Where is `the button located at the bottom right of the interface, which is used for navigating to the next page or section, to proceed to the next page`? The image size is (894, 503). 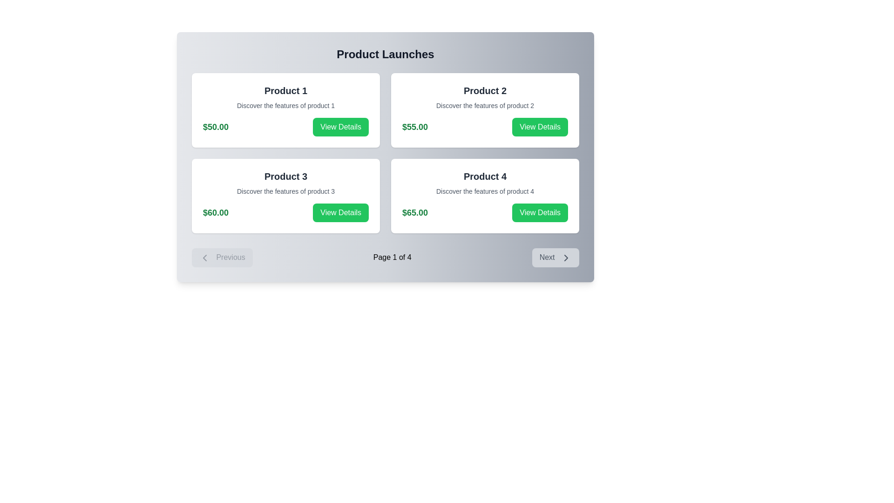
the button located at the bottom right of the interface, which is used for navigating to the next page or section, to proceed to the next page is located at coordinates (555, 258).